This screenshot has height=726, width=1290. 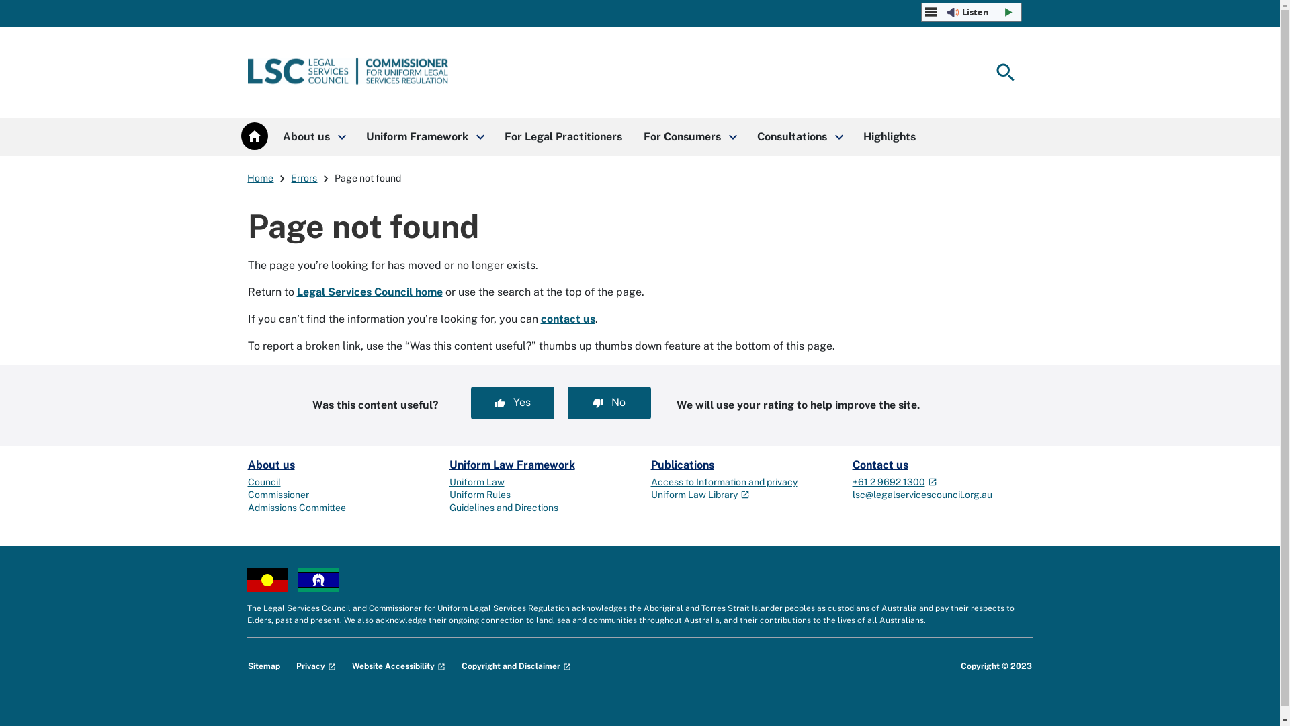 What do you see at coordinates (799, 137) in the screenshot?
I see `'Consultations` at bounding box center [799, 137].